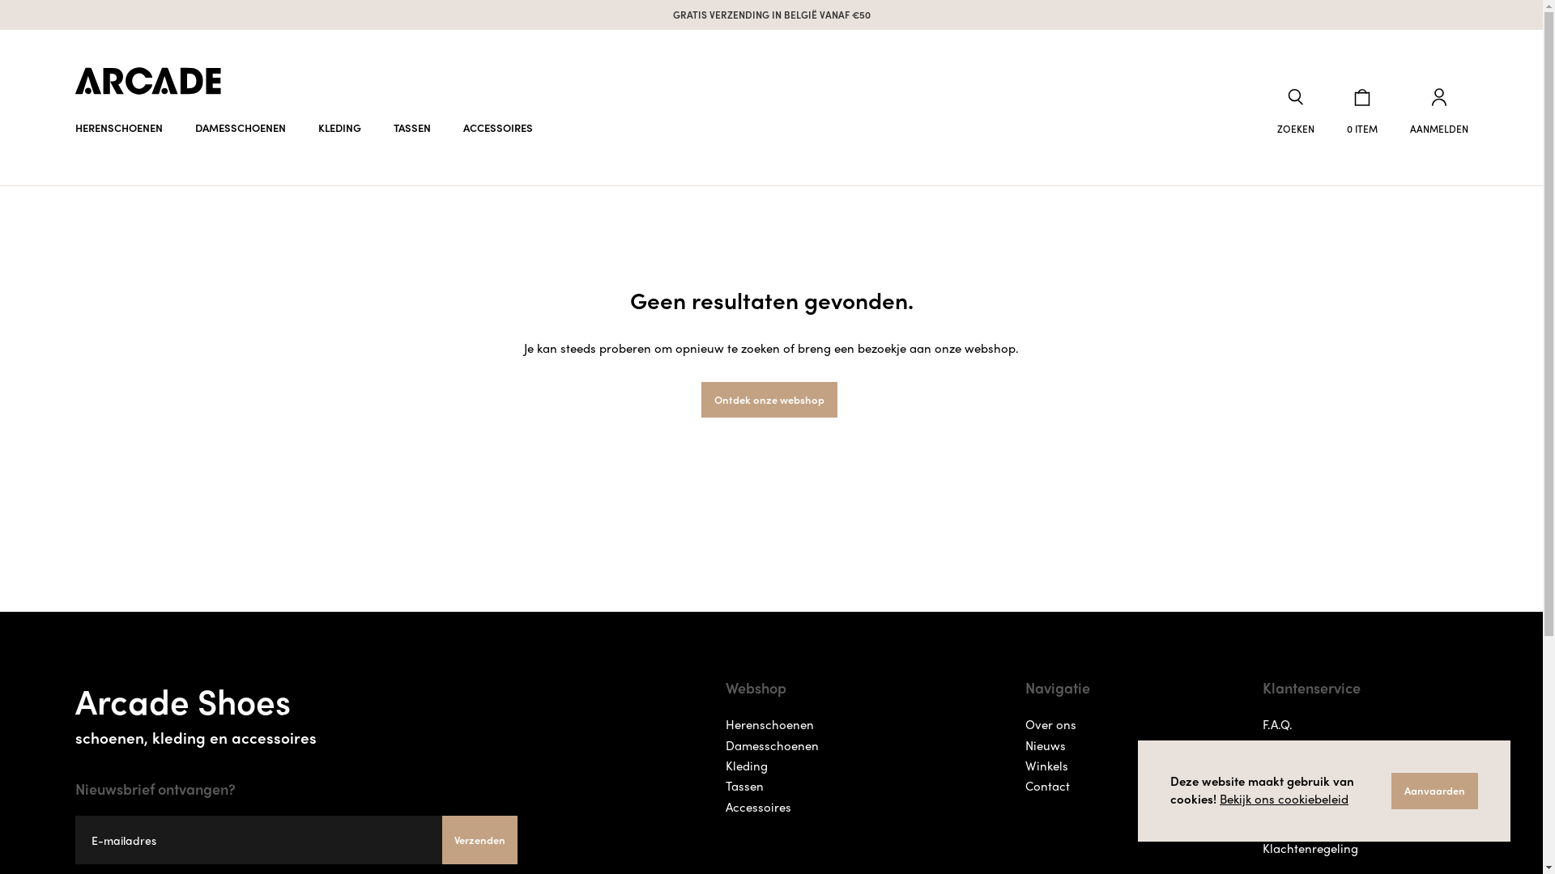  What do you see at coordinates (1361, 111) in the screenshot?
I see `'0 ITEM'` at bounding box center [1361, 111].